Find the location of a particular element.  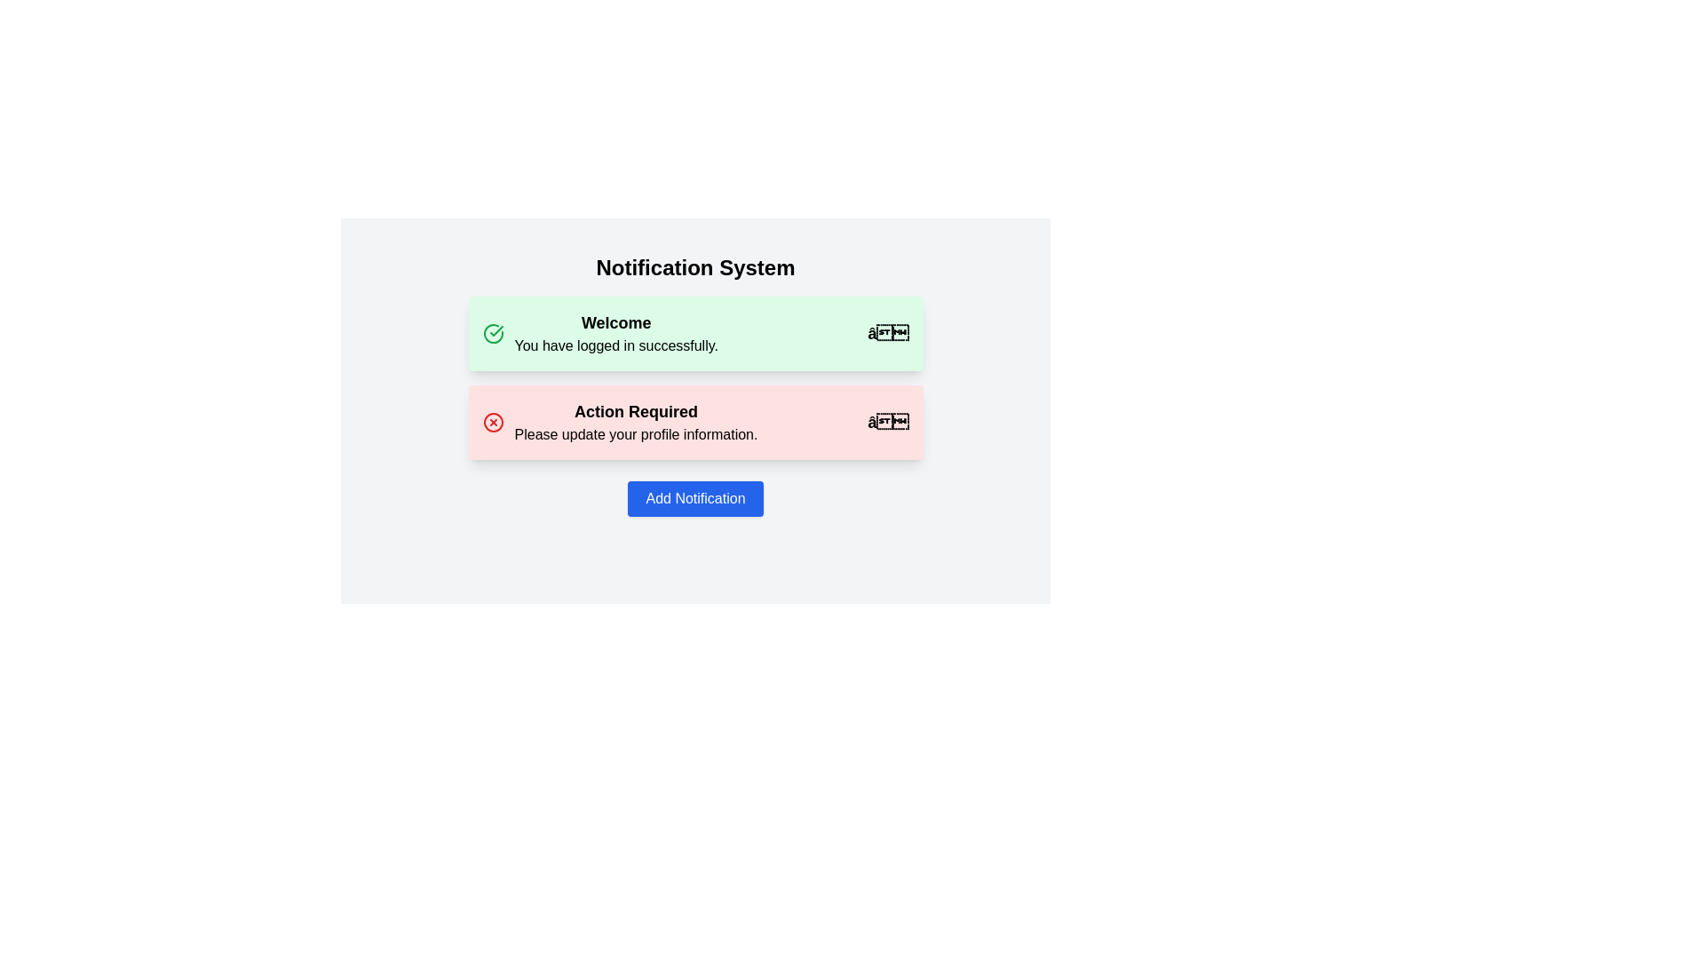

the static text label displaying 'You have logged in successfully.' which is styled in a standard font and positioned below the 'Welcome' heading in a green box is located at coordinates (616, 345).